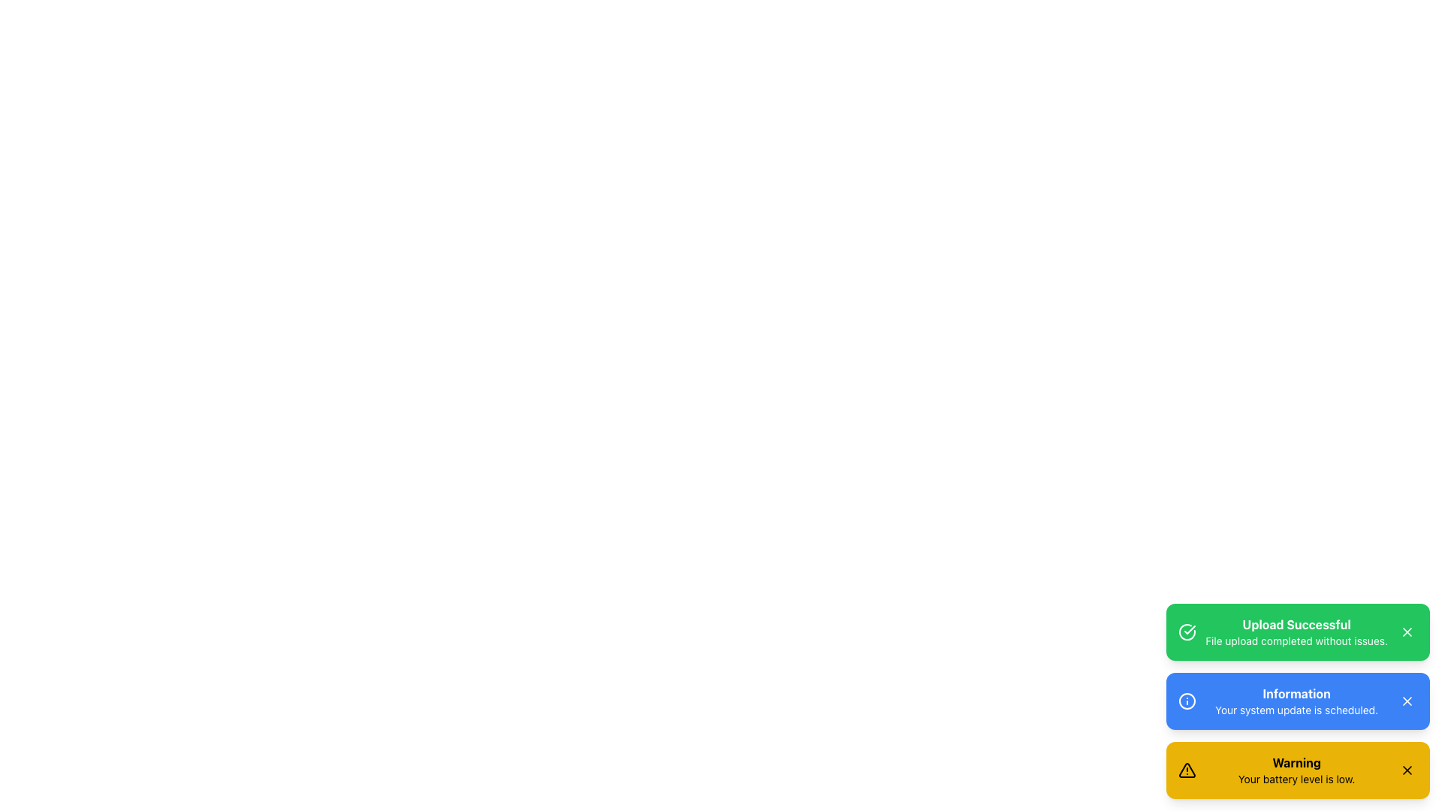 This screenshot has width=1442, height=811. What do you see at coordinates (1406, 770) in the screenshot?
I see `the close button located at the top-right corner of the yellow 'Warning' notification box` at bounding box center [1406, 770].